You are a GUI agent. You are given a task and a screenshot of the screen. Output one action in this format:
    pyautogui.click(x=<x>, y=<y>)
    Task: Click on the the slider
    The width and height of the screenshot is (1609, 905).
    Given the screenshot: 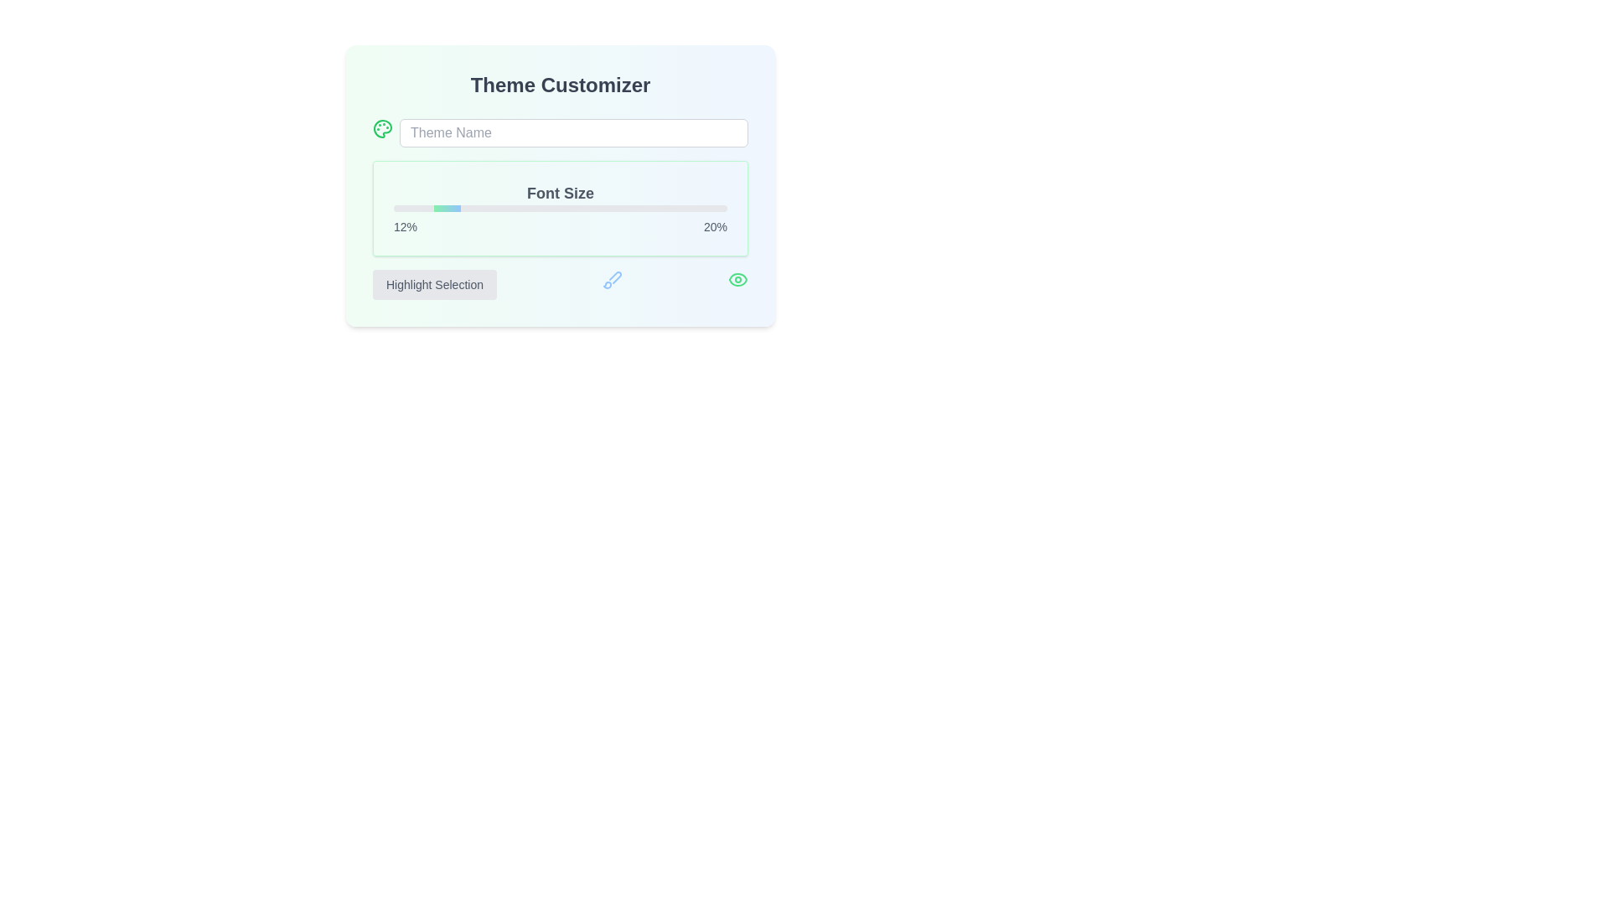 What is the action you would take?
    pyautogui.click(x=476, y=208)
    